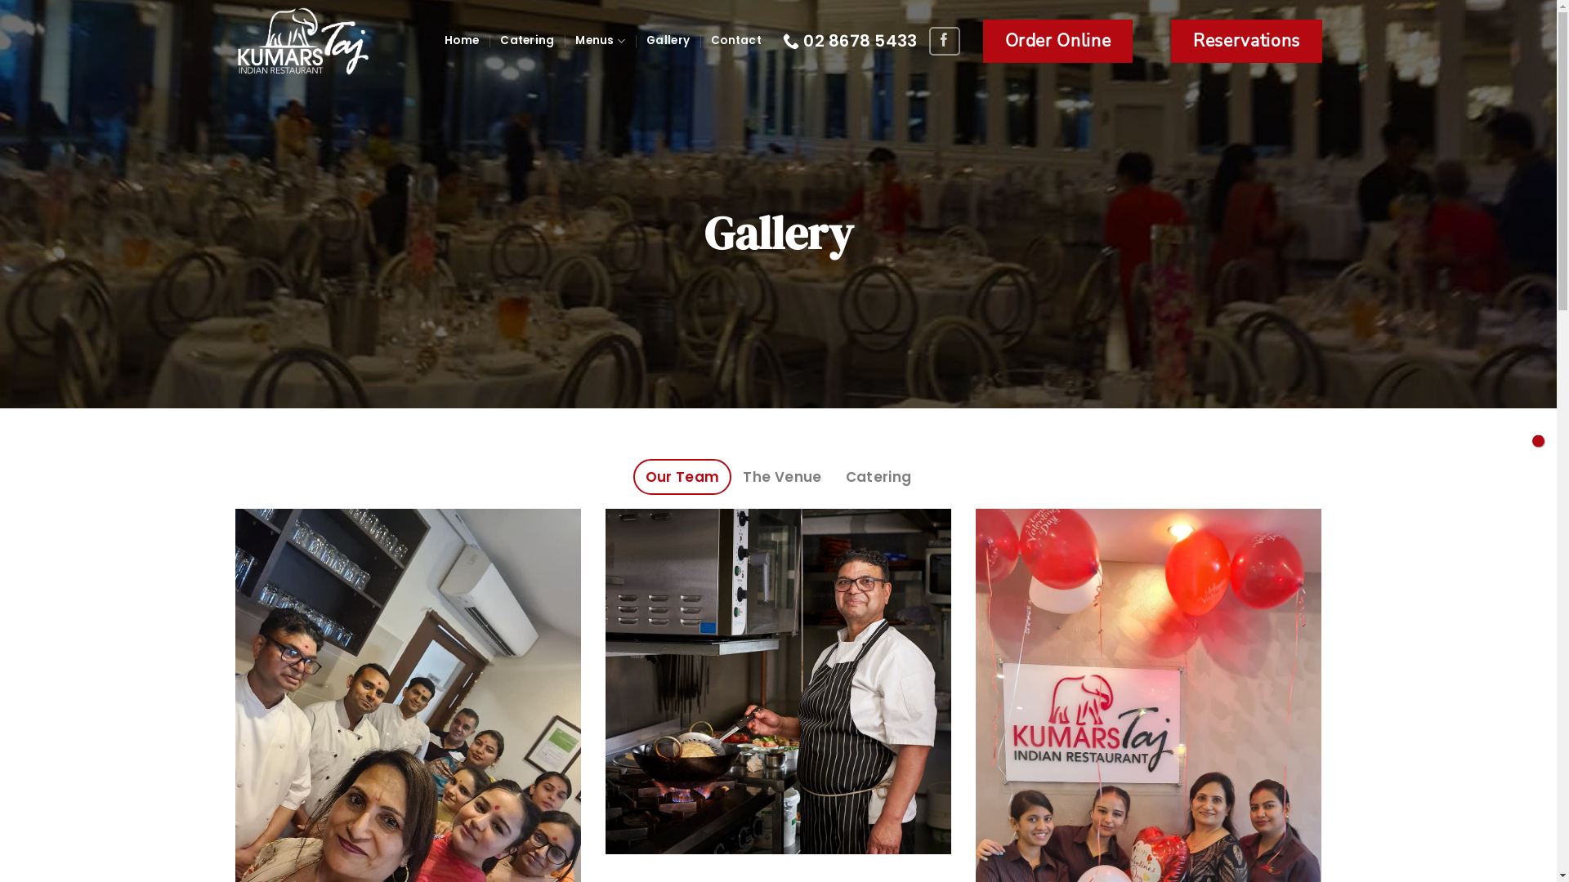  I want to click on 'Gallery', so click(646, 40).